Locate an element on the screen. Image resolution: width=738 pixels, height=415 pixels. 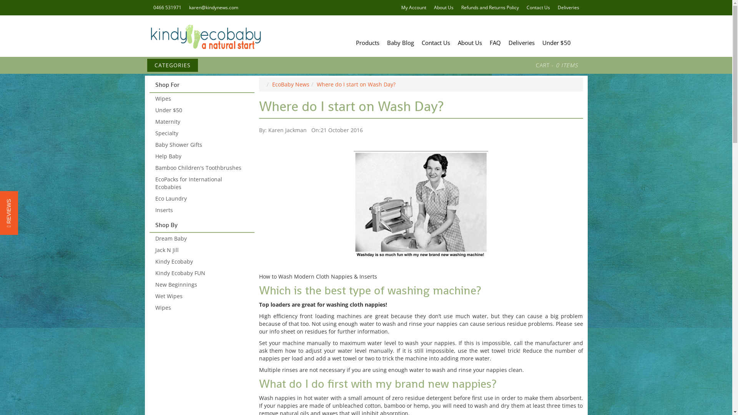
'Baby Shower Gifts' is located at coordinates (201, 145).